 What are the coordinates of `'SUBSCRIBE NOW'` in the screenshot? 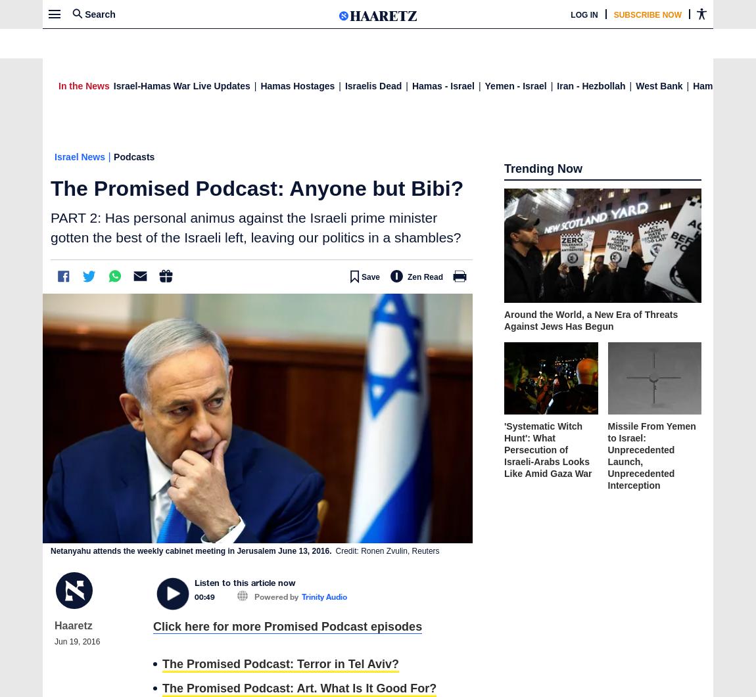 It's located at (647, 45).